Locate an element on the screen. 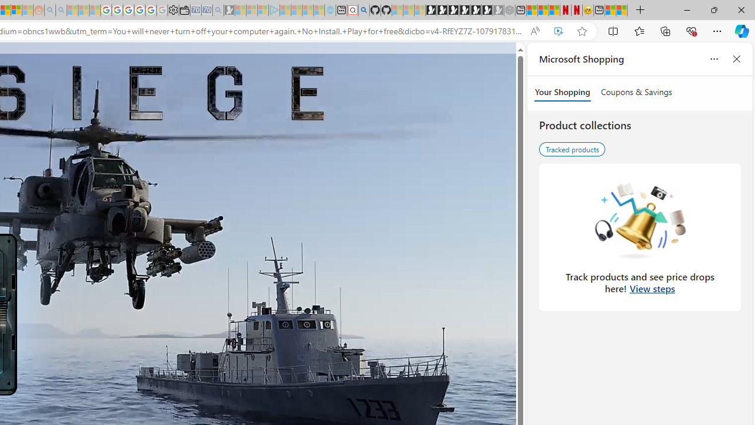 The height and width of the screenshot is (425, 755). 'Play Cave FRVR in your browser | Games from Microsoft Start' is located at coordinates (453, 10).